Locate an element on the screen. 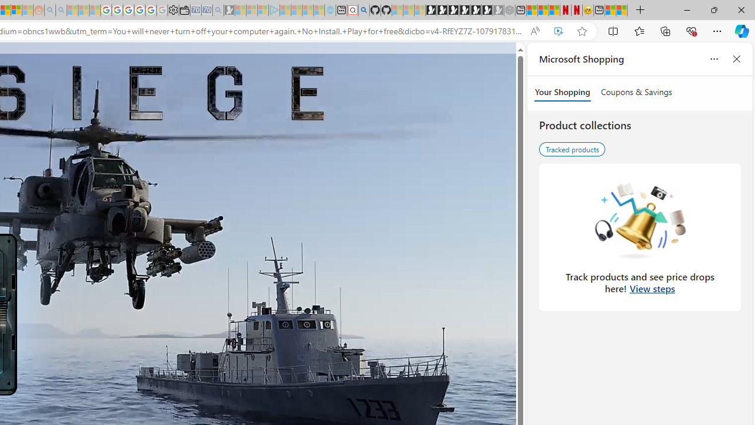 The height and width of the screenshot is (425, 755). 'Play Cave FRVR in your browser | Games from Microsoft Start' is located at coordinates (453, 10).